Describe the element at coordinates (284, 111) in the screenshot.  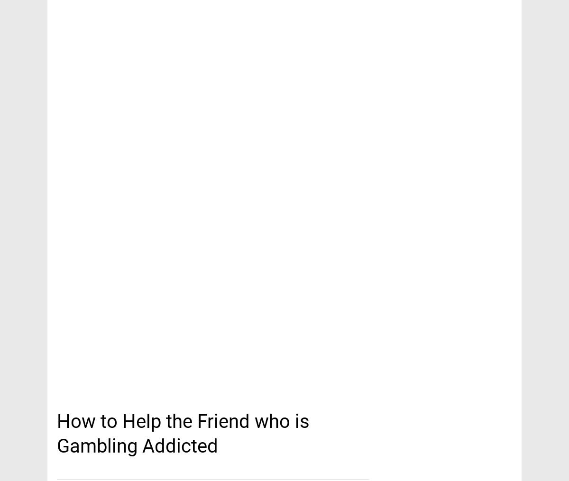
I see `'S.U. Rahman'` at that location.